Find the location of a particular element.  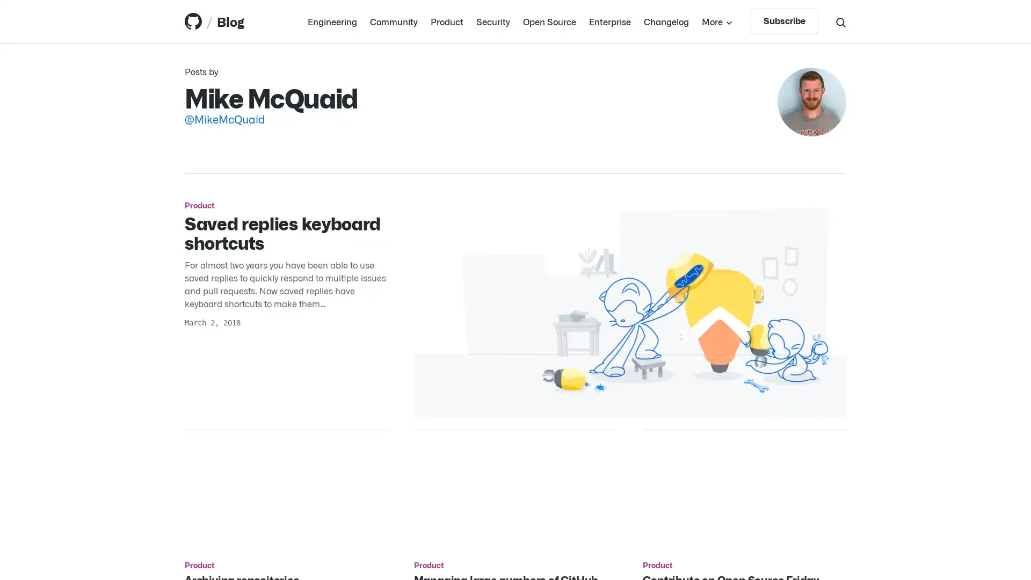

Search toggle is located at coordinates (840, 20).